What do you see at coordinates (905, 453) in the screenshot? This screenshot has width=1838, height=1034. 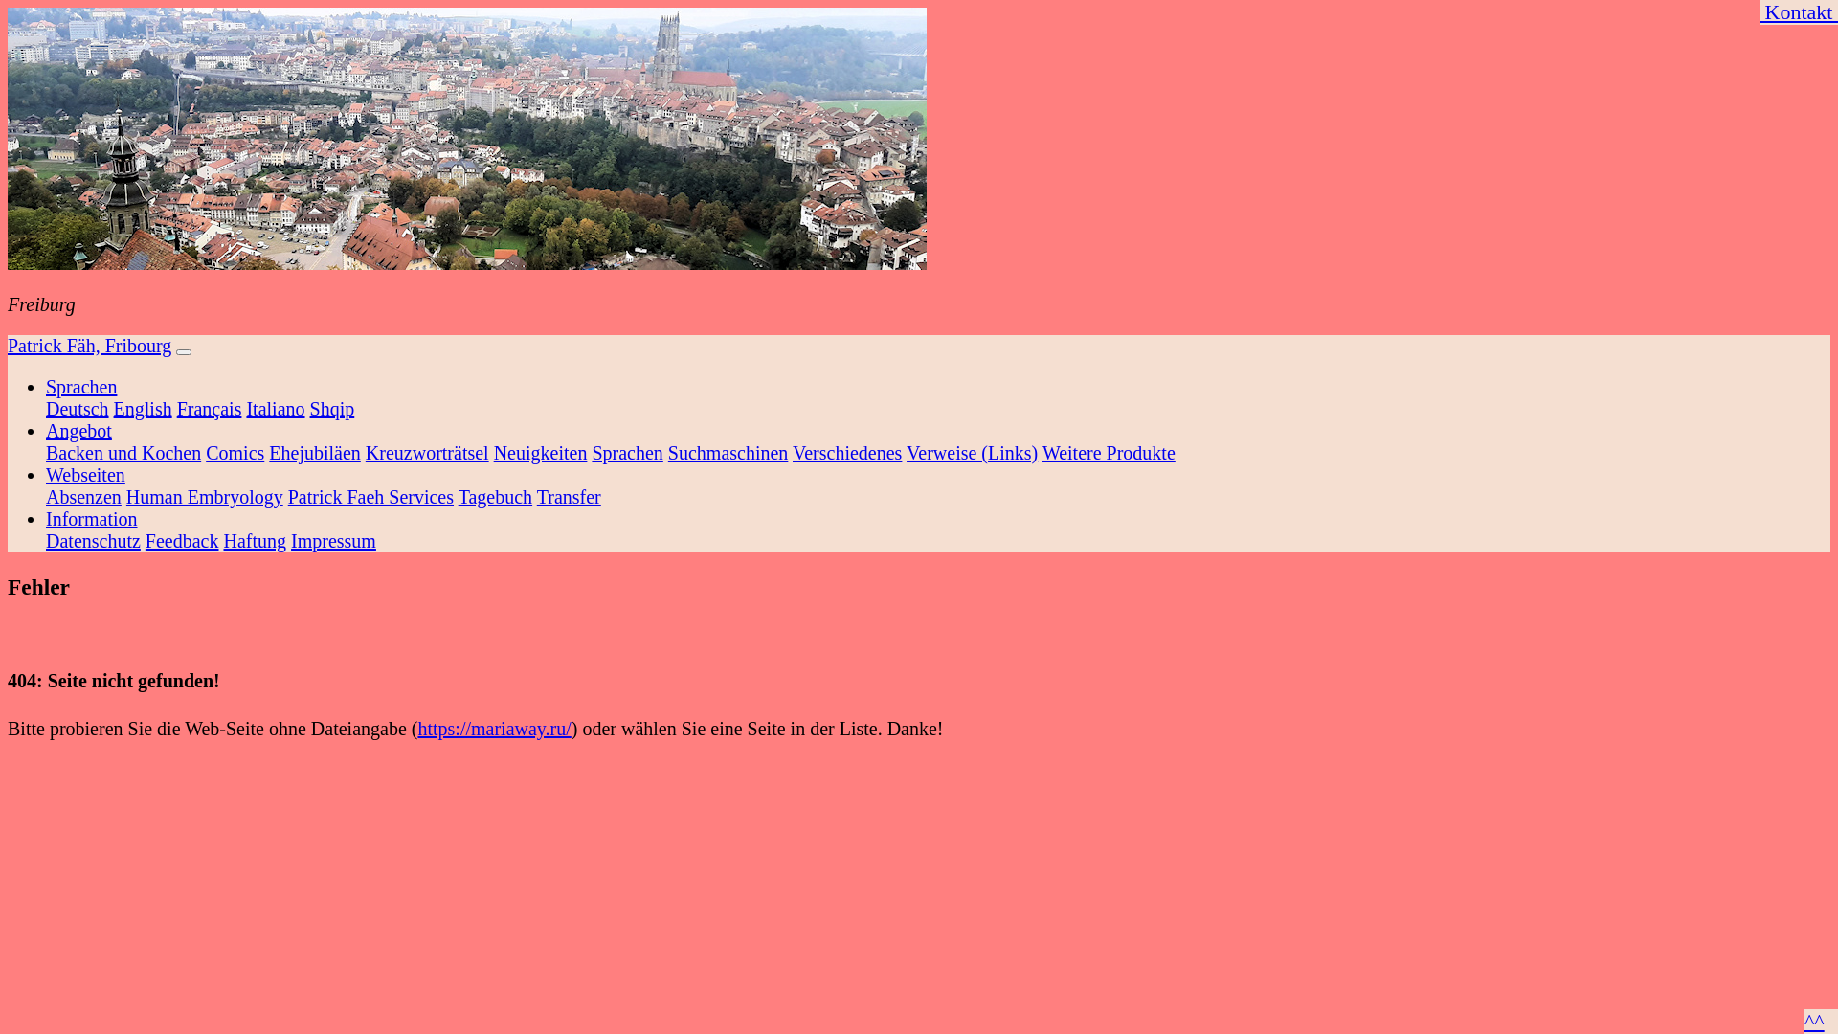 I see `'Verweise (Links)'` at bounding box center [905, 453].